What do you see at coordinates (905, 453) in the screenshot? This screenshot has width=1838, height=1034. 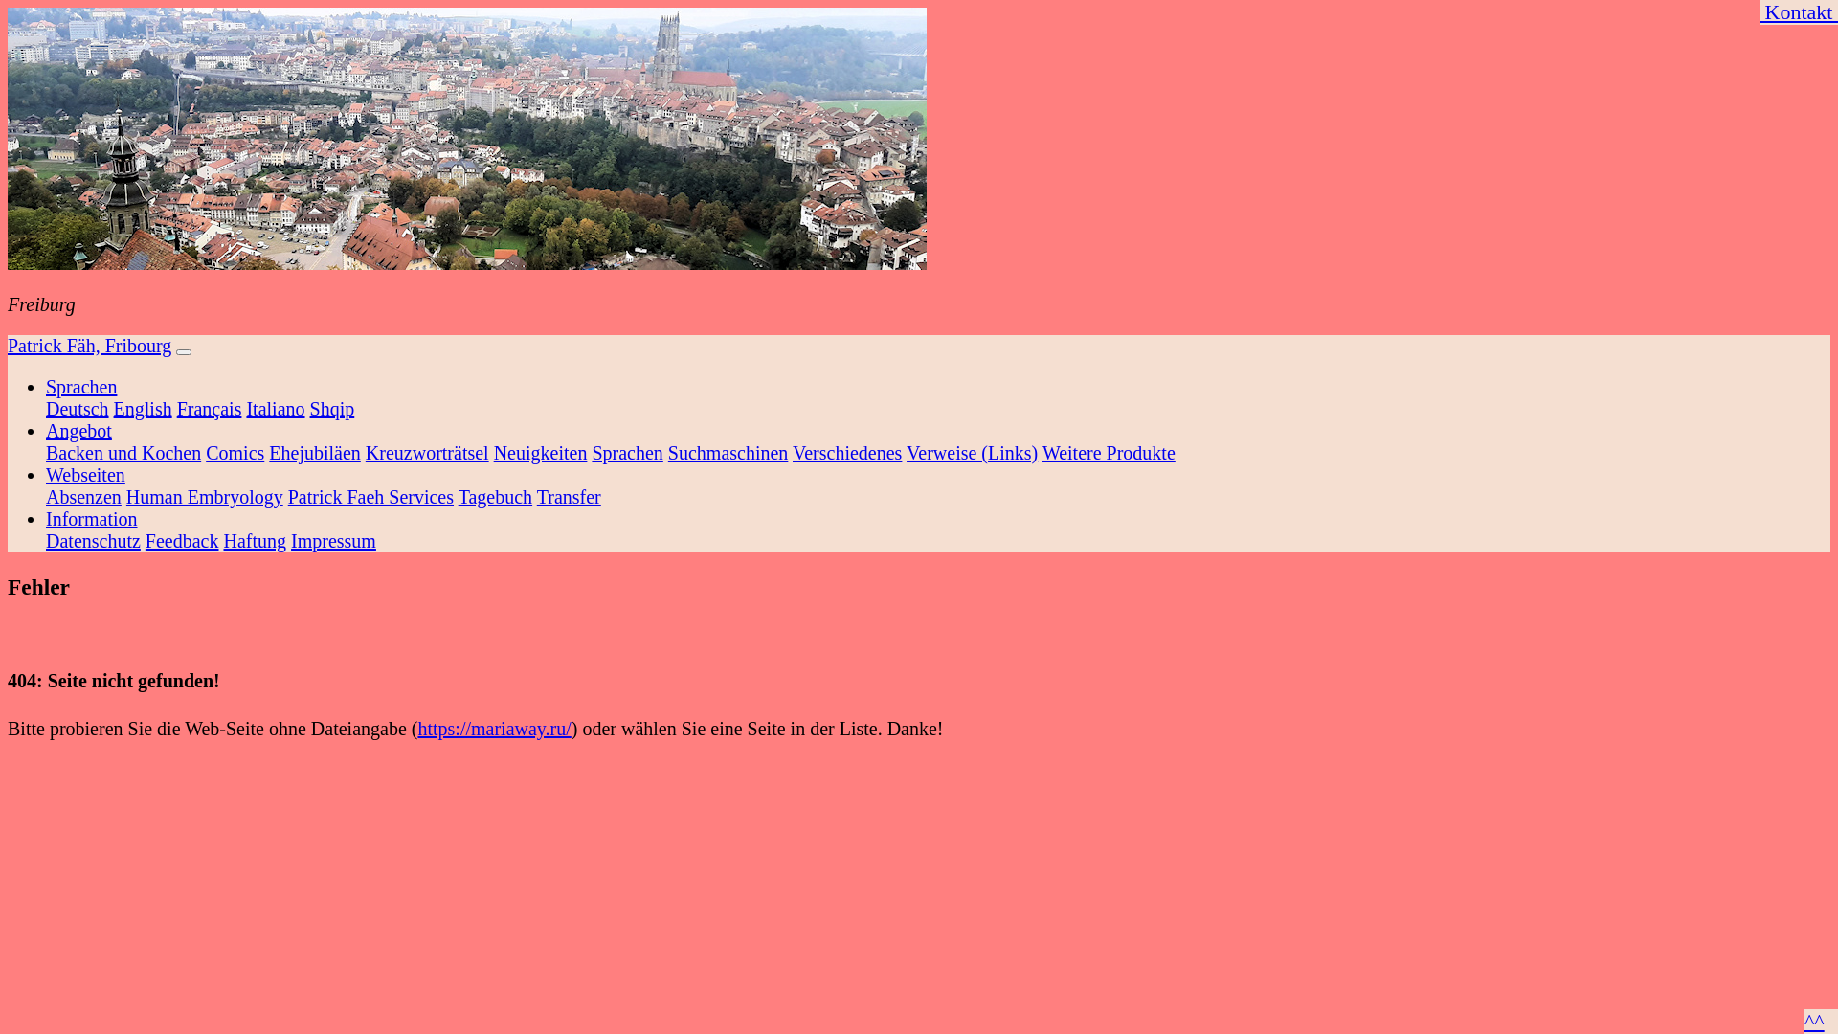 I see `'Verweise (Links)'` at bounding box center [905, 453].